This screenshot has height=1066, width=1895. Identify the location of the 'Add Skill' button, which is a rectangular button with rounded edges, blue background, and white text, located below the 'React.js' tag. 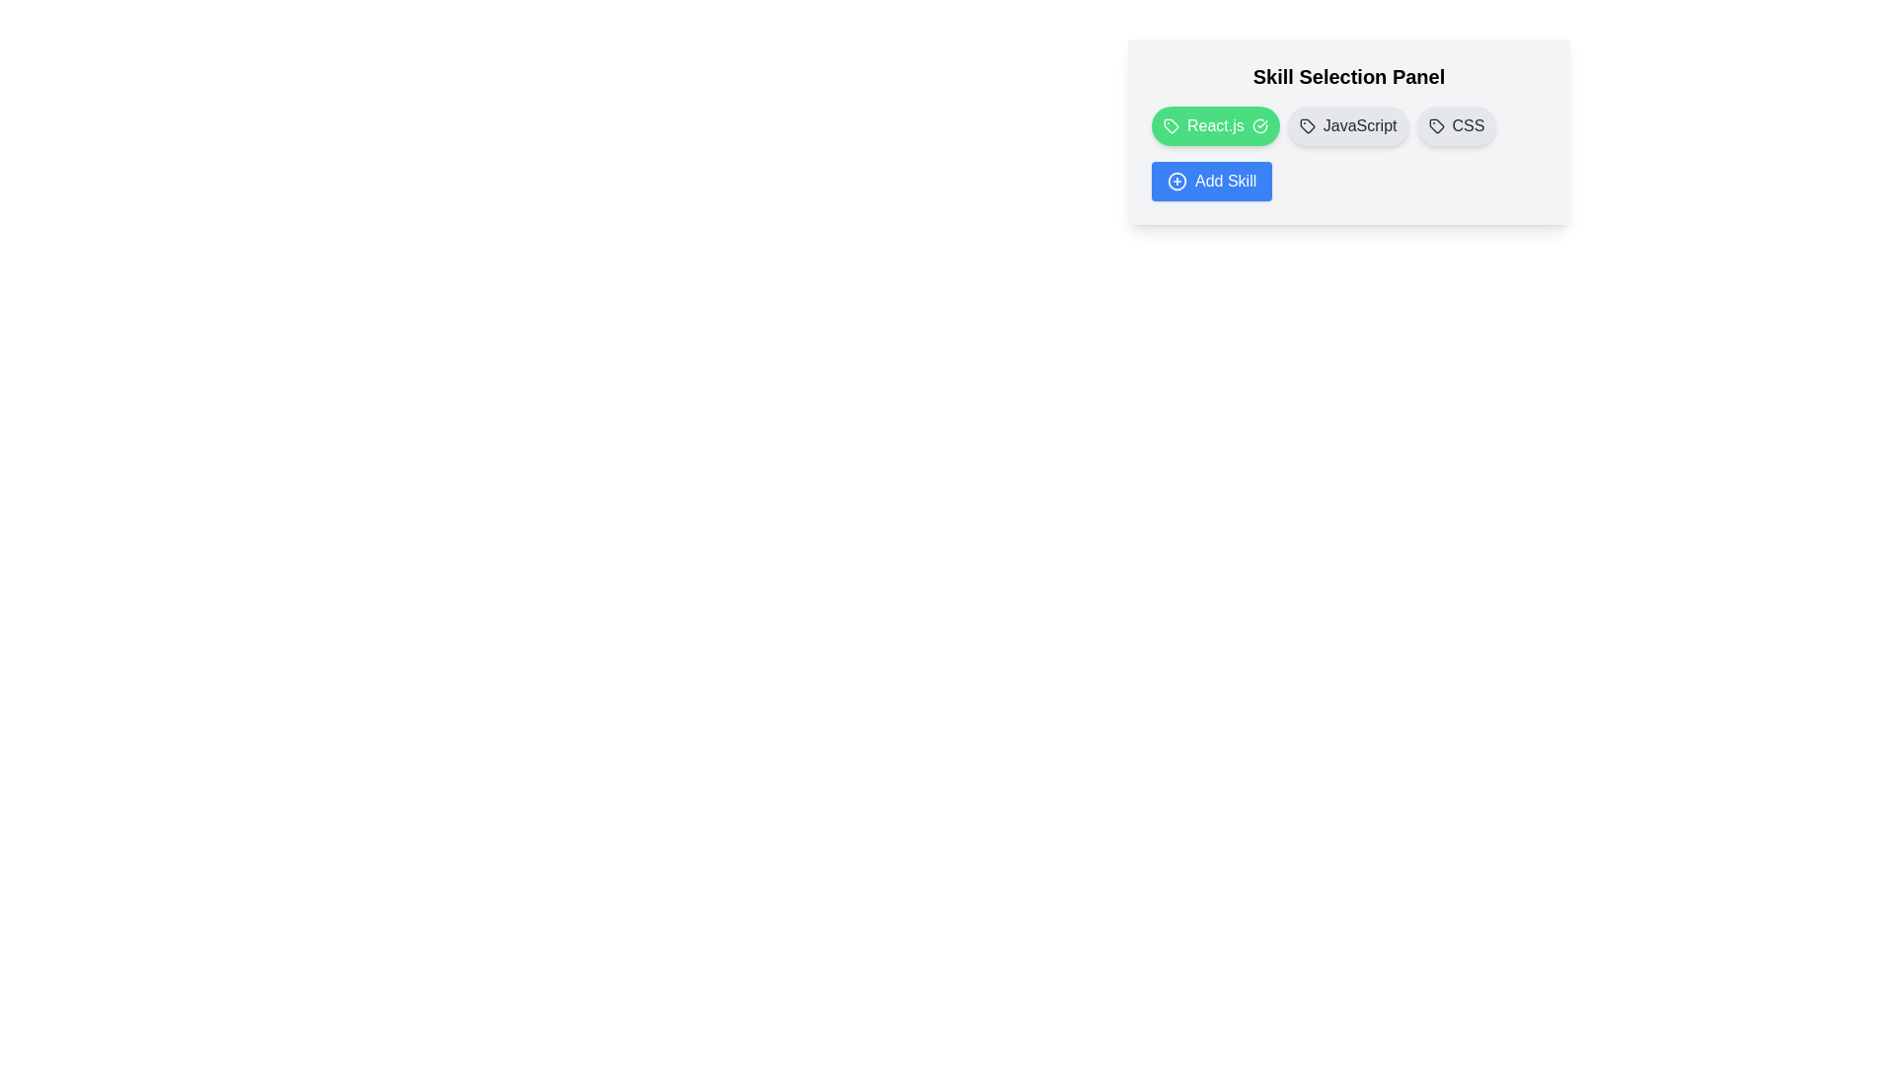
(1211, 182).